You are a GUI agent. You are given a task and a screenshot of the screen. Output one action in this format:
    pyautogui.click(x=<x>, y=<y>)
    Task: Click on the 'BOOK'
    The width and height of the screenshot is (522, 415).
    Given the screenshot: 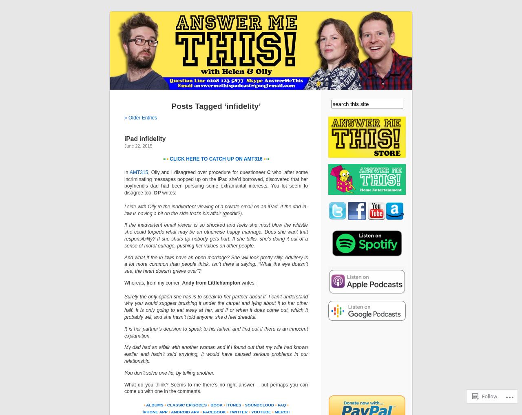 What is the action you would take?
    pyautogui.click(x=216, y=404)
    